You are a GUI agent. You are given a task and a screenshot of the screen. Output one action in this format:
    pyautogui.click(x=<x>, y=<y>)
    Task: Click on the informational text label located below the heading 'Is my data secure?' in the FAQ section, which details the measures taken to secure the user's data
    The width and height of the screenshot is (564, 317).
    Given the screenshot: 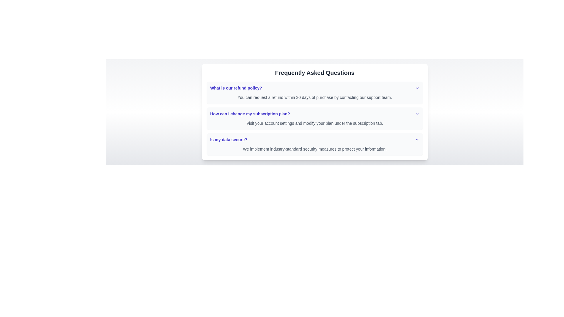 What is the action you would take?
    pyautogui.click(x=314, y=149)
    